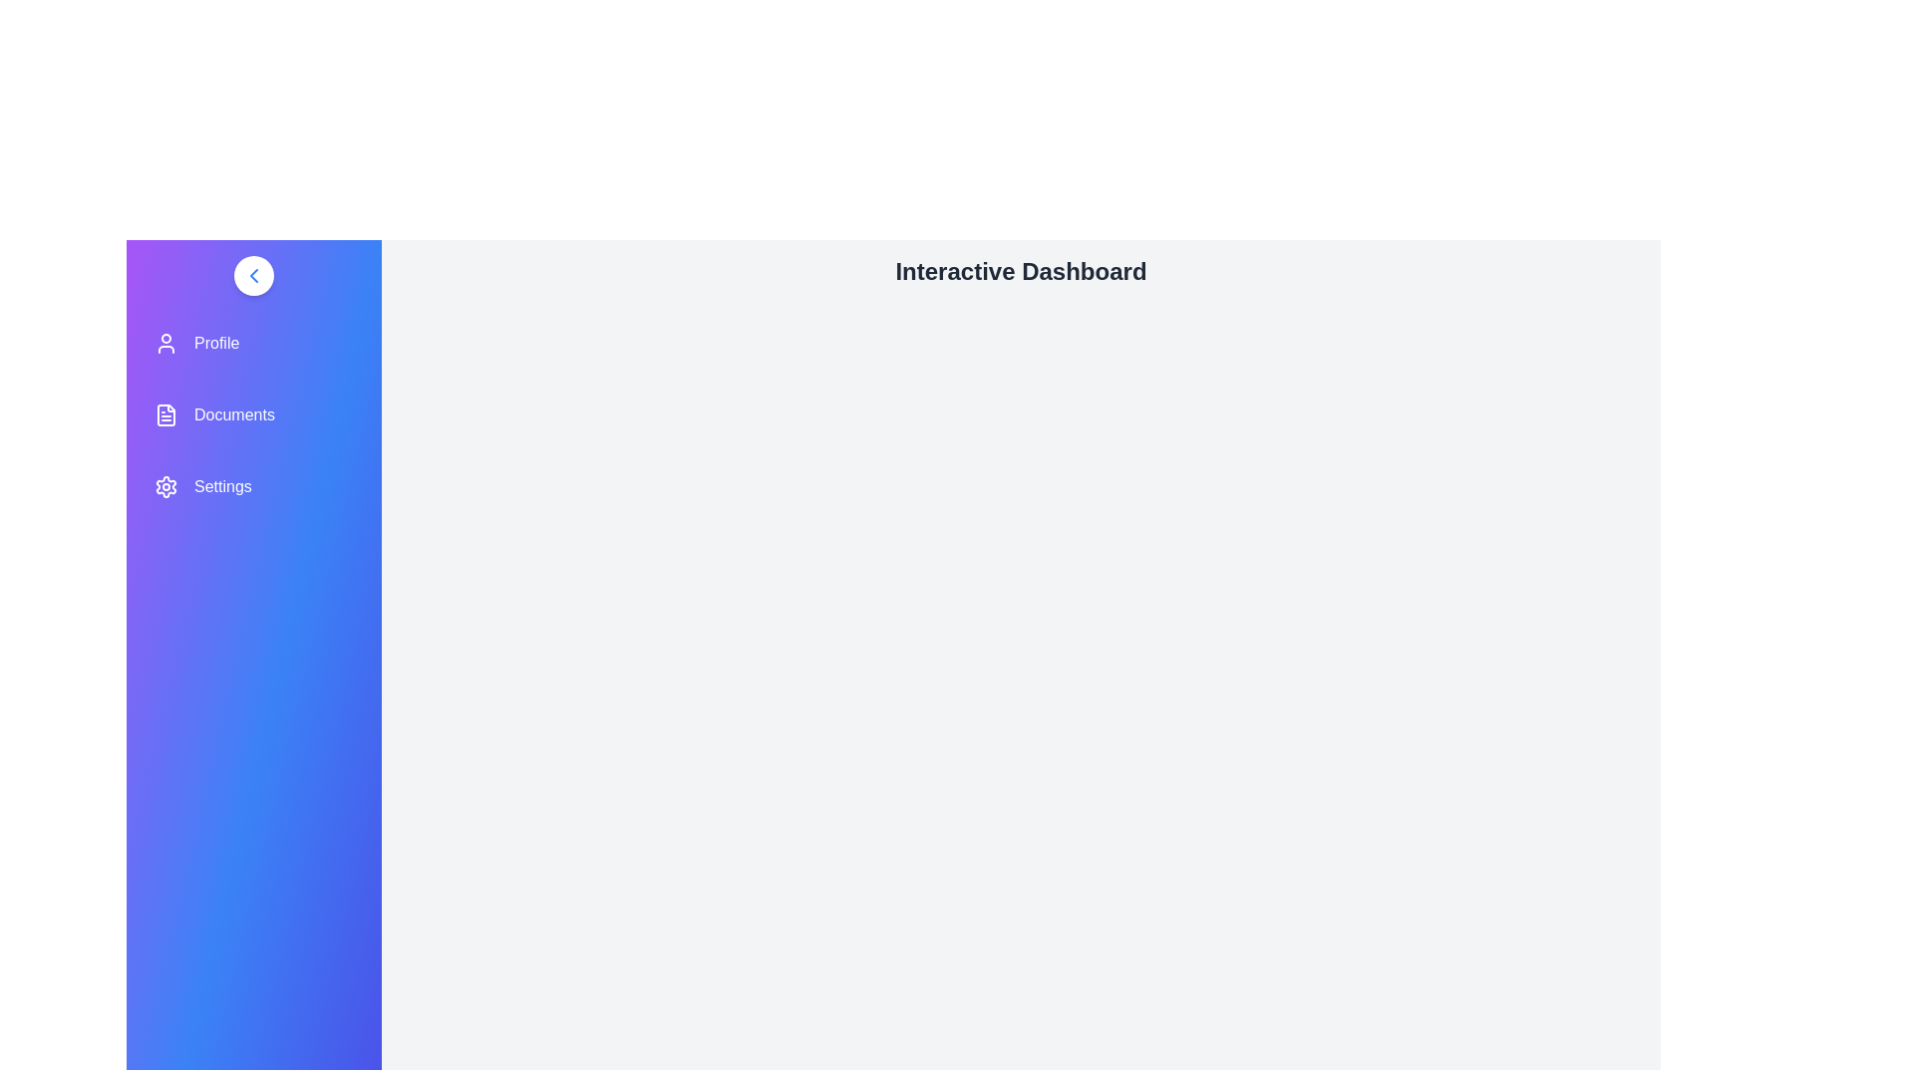 The width and height of the screenshot is (1914, 1076). I want to click on the text 'Interactive Dashboard' to select it, so click(1021, 272).